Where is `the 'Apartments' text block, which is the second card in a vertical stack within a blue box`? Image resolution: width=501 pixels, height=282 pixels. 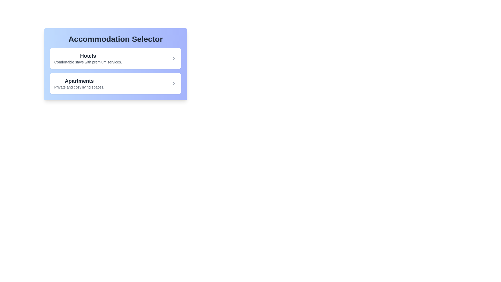 the 'Apartments' text block, which is the second card in a vertical stack within a blue box is located at coordinates (79, 83).